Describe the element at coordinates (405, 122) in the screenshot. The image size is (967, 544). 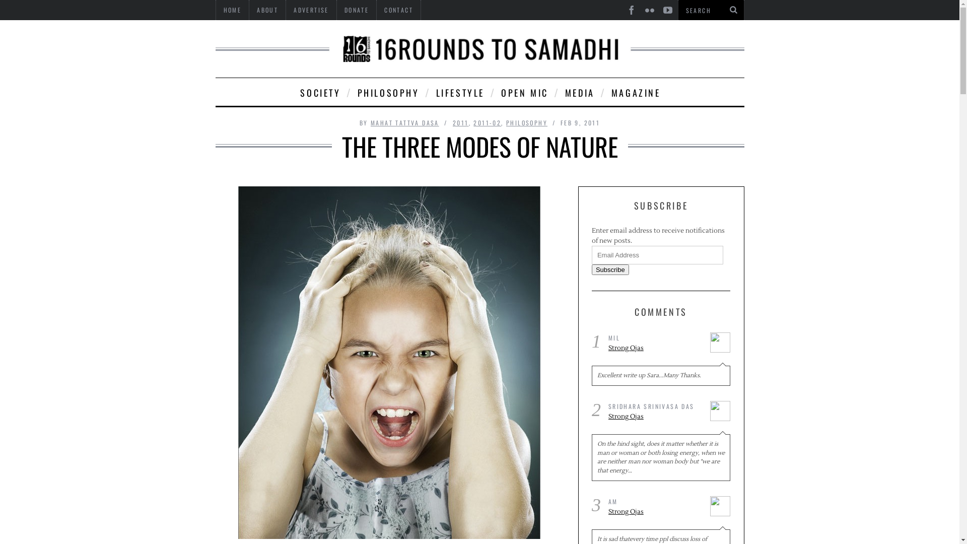
I see `'MAHAT TATTVA DASA'` at that location.